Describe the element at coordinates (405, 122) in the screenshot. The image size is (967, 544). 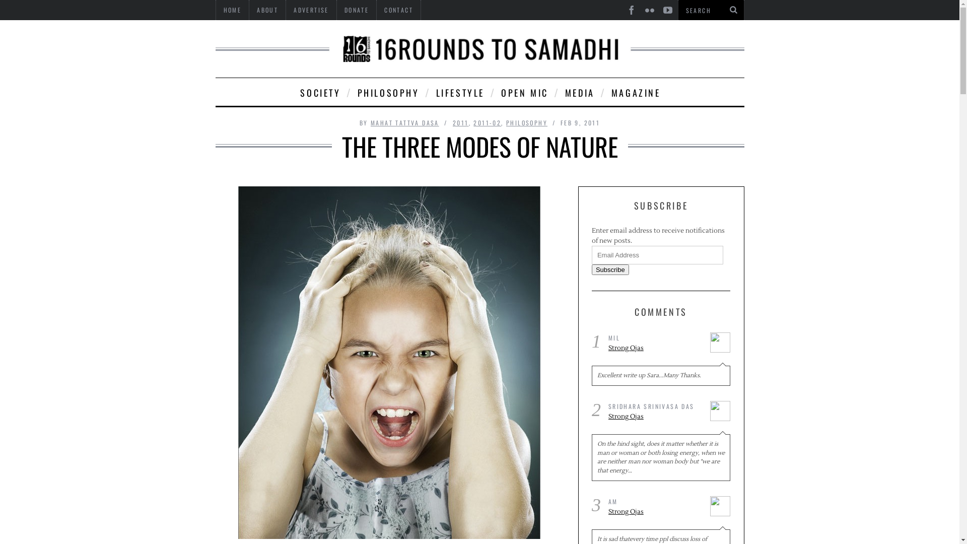
I see `'MAHAT TATTVA DASA'` at that location.